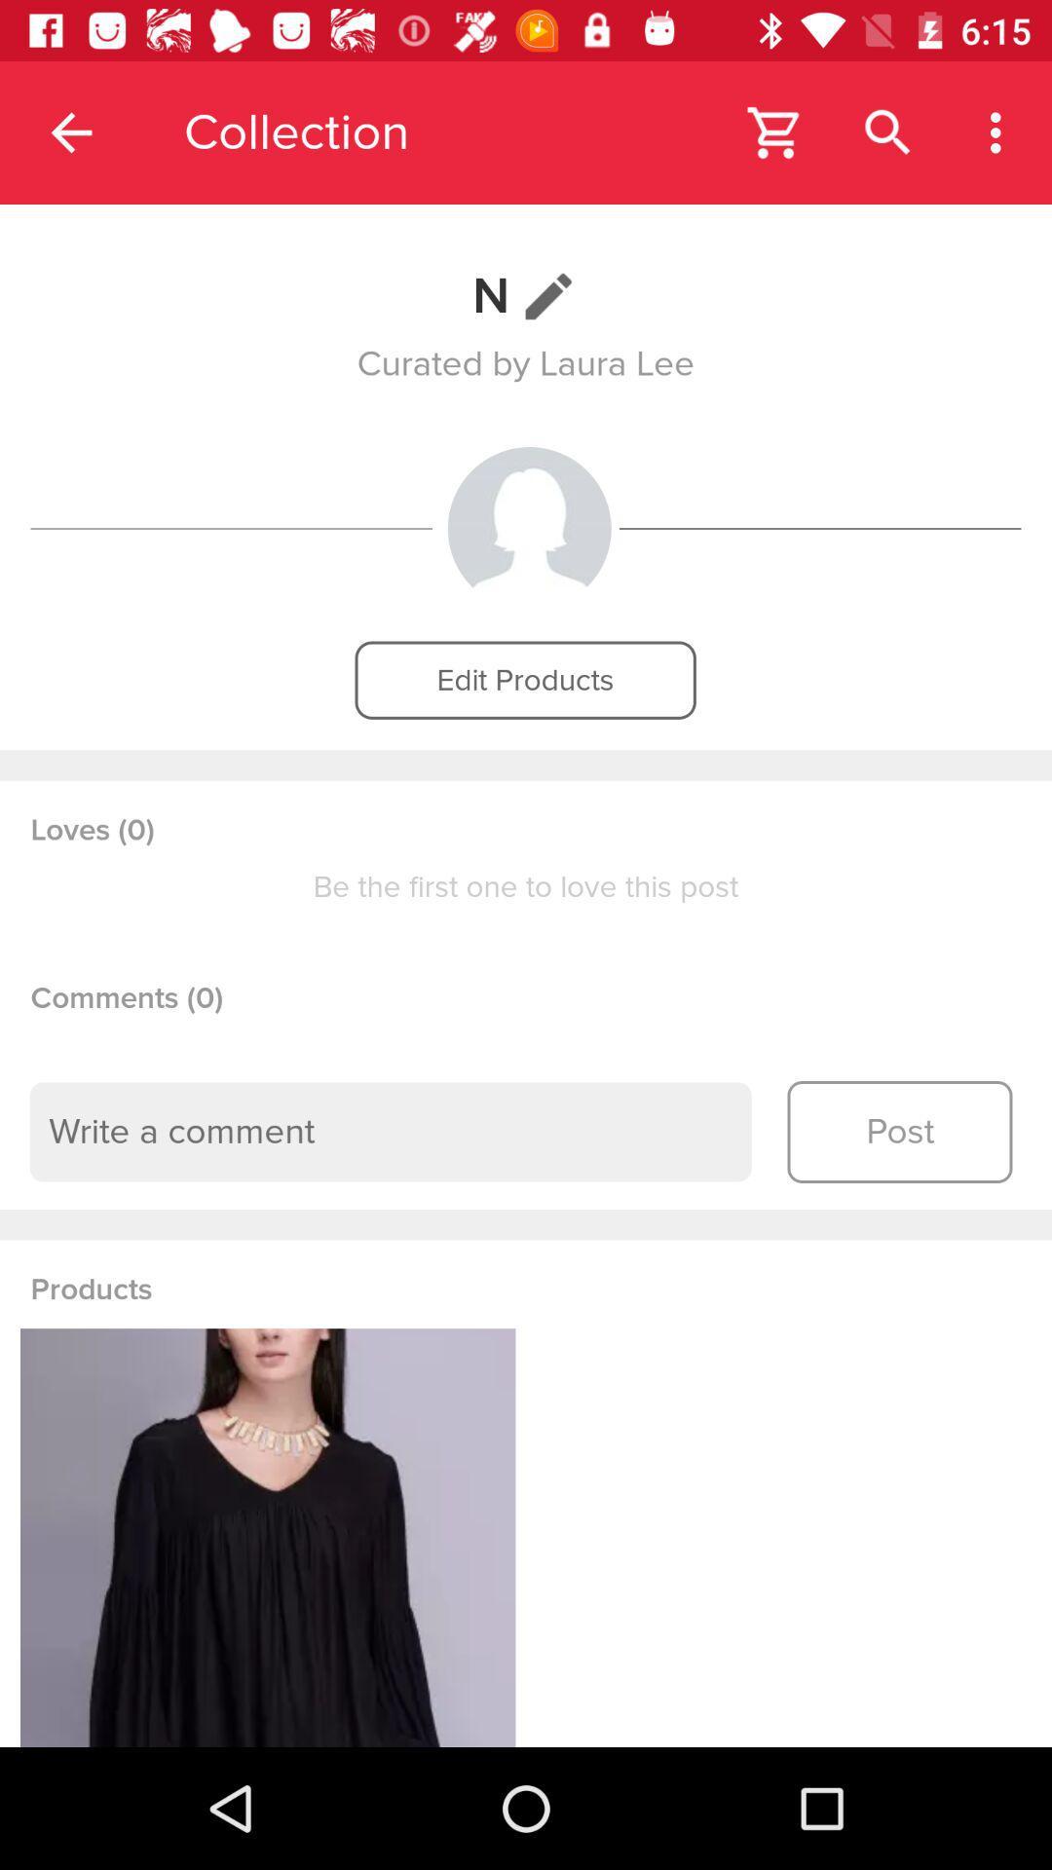 The width and height of the screenshot is (1052, 1870). I want to click on the app next to collection item, so click(70, 131).